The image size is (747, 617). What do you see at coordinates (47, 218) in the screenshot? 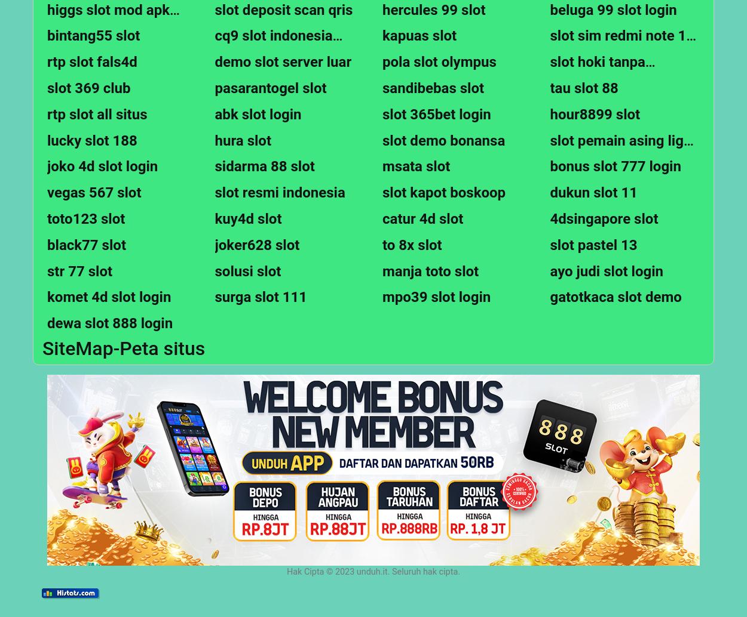
I see `'toto123 slot'` at bounding box center [47, 218].